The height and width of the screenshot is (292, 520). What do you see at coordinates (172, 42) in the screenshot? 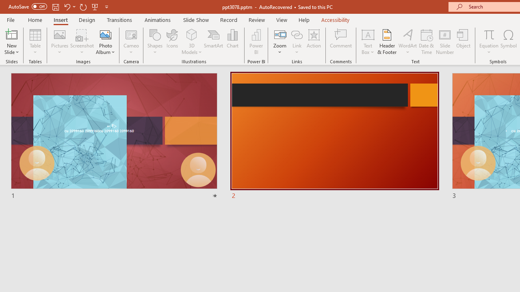
I see `'Icons'` at bounding box center [172, 42].